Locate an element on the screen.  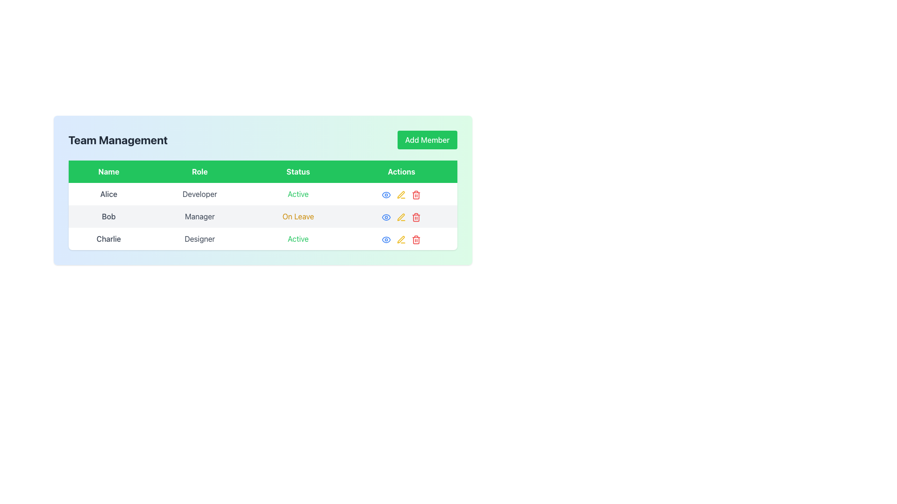
the 'View' action button for the user 'Bob' in the table's 'Actions' column is located at coordinates (386, 216).